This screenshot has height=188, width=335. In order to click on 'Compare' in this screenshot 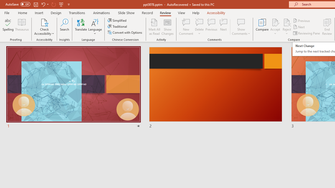, I will do `click(262, 27)`.